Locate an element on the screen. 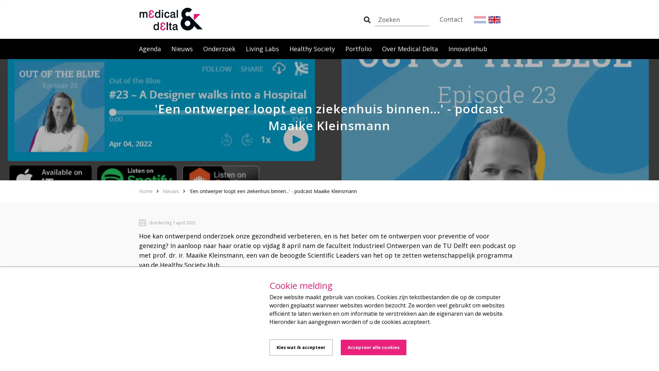  Accepteer alle cookies is located at coordinates (373, 347).